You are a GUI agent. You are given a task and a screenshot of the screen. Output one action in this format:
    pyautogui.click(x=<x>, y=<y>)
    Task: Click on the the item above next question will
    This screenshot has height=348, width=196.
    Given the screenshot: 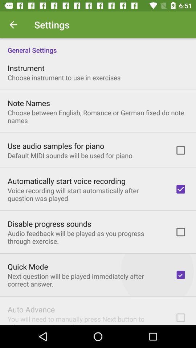 What is the action you would take?
    pyautogui.click(x=27, y=266)
    